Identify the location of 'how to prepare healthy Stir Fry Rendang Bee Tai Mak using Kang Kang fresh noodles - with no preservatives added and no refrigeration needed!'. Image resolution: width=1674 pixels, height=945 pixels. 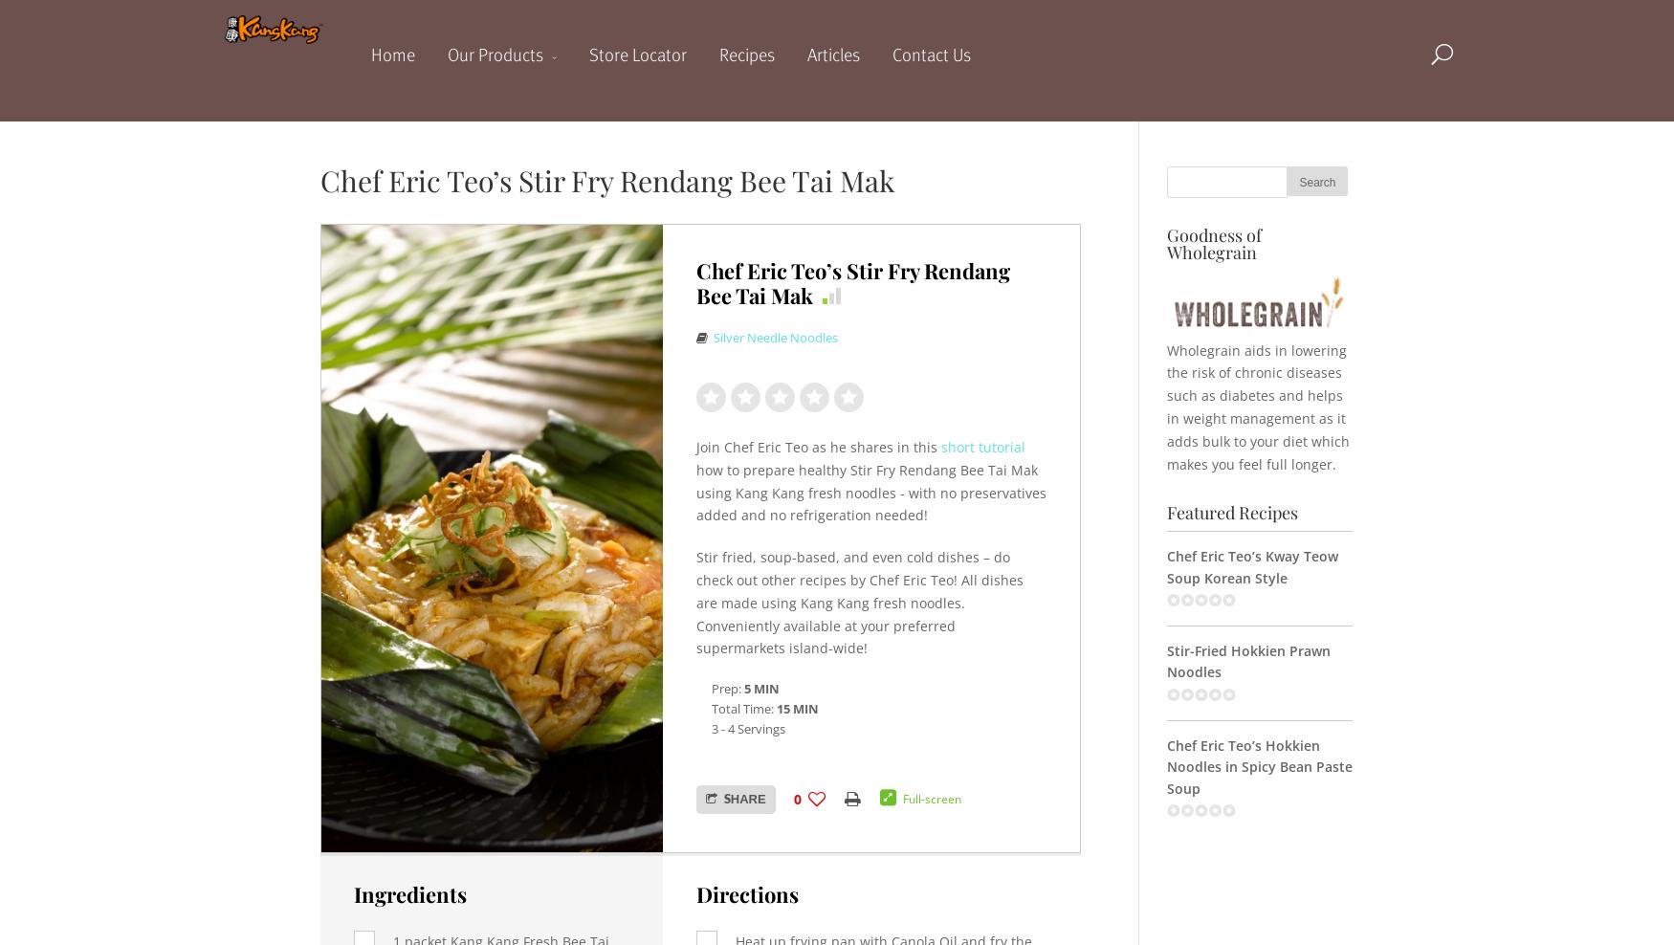
(870, 491).